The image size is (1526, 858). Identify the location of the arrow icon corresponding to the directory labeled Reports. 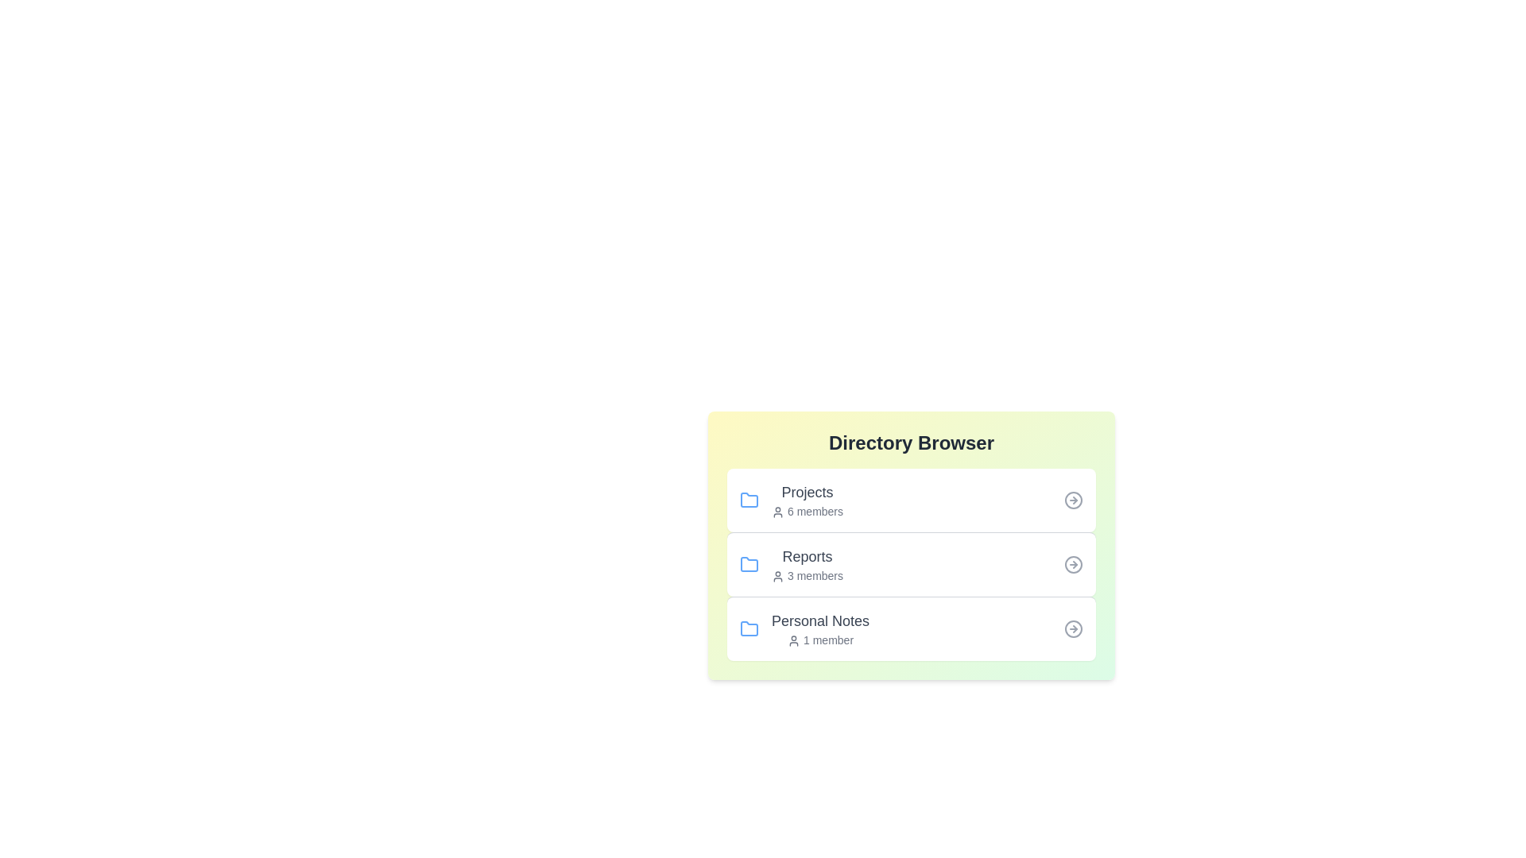
(1073, 563).